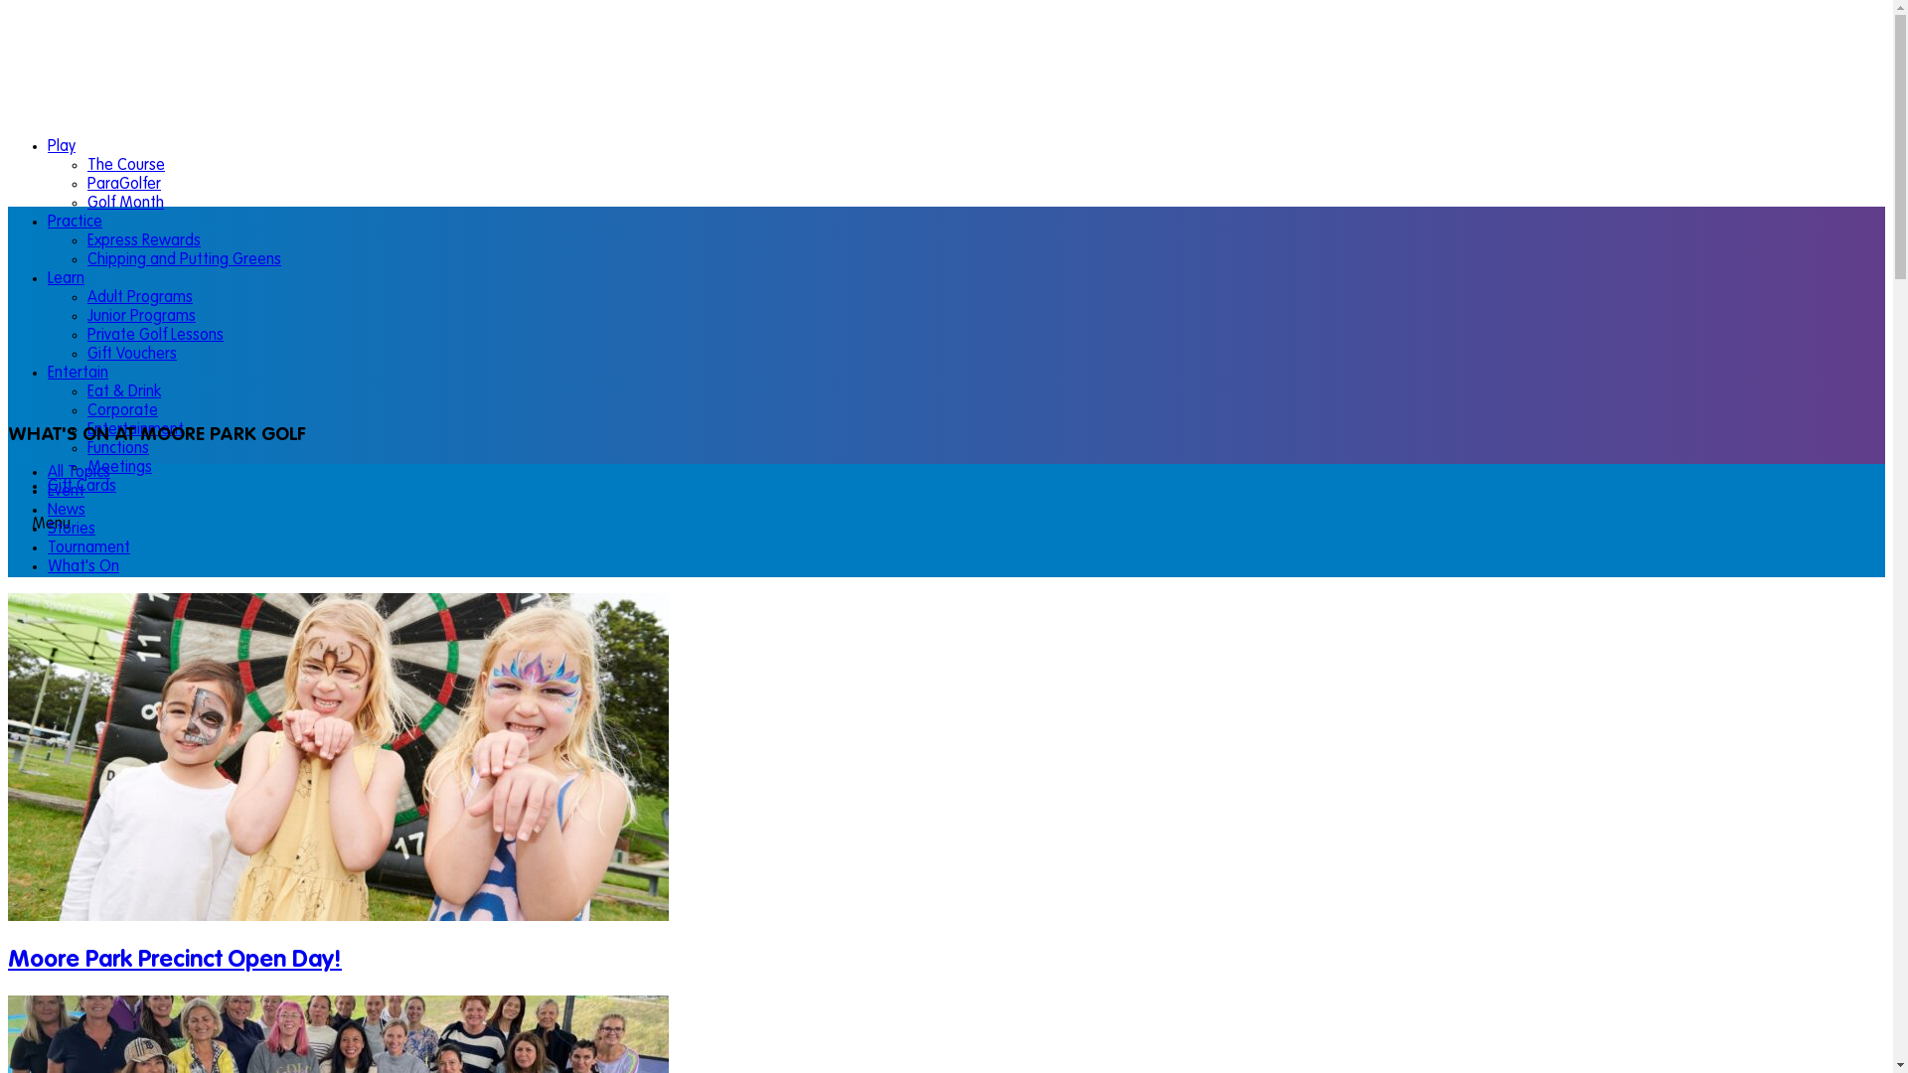 The height and width of the screenshot is (1073, 1908). Describe the element at coordinates (80, 486) in the screenshot. I see `'Gift Cards'` at that location.